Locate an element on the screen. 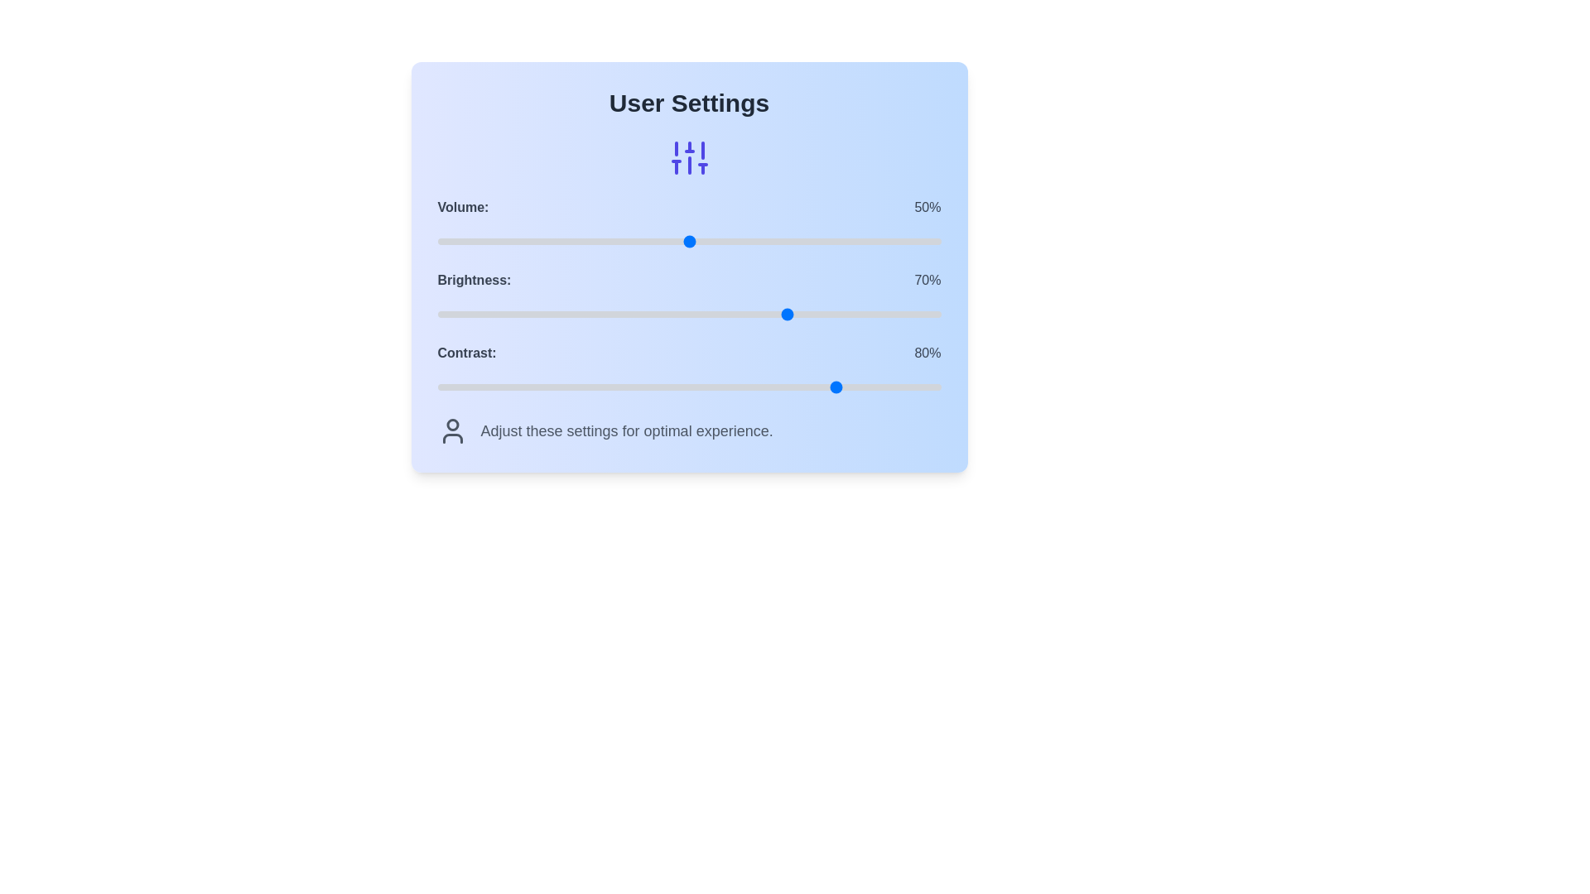  the text label displaying '70%' which is styled in gray and positioned to the right of the 'Brightness' label, aligned with the brightness slider is located at coordinates (927, 280).